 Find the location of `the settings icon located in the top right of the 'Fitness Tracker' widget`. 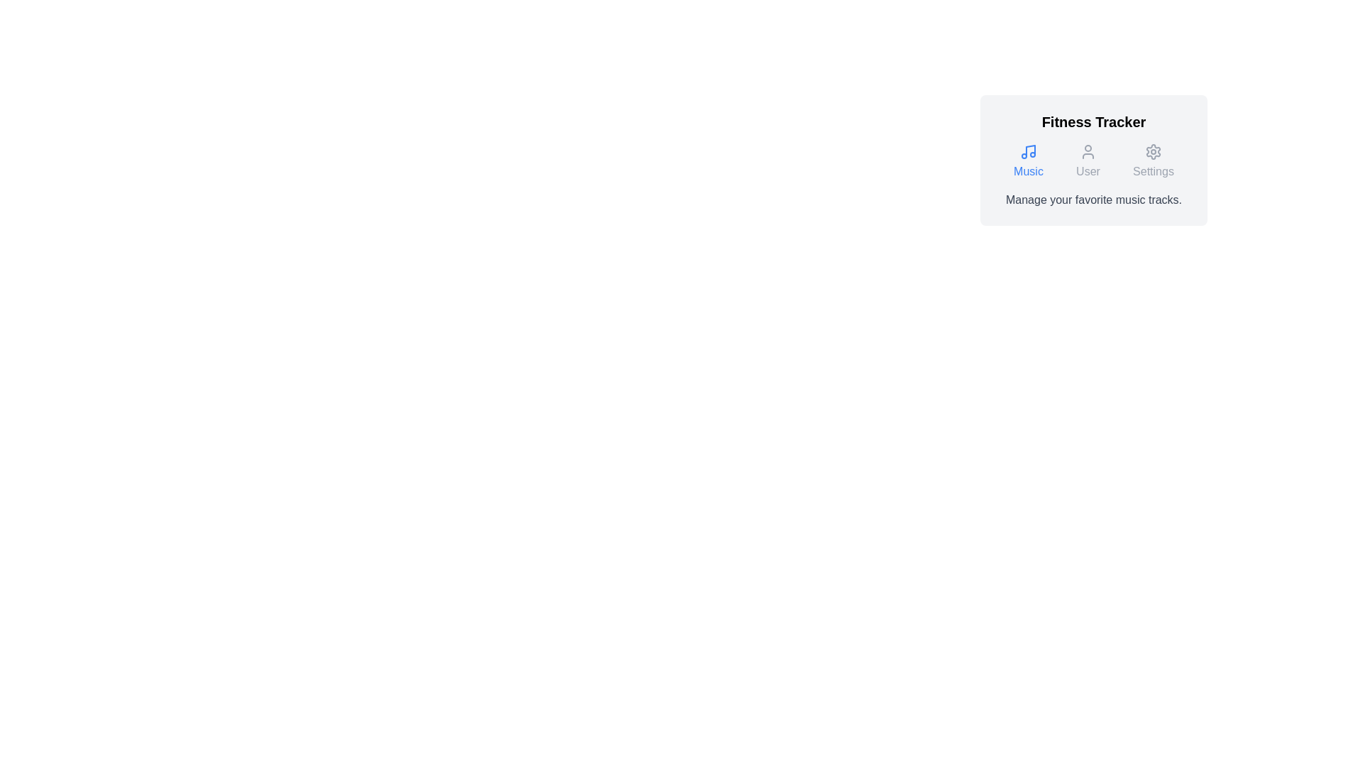

the settings icon located in the top right of the 'Fitness Tracker' widget is located at coordinates (1153, 151).